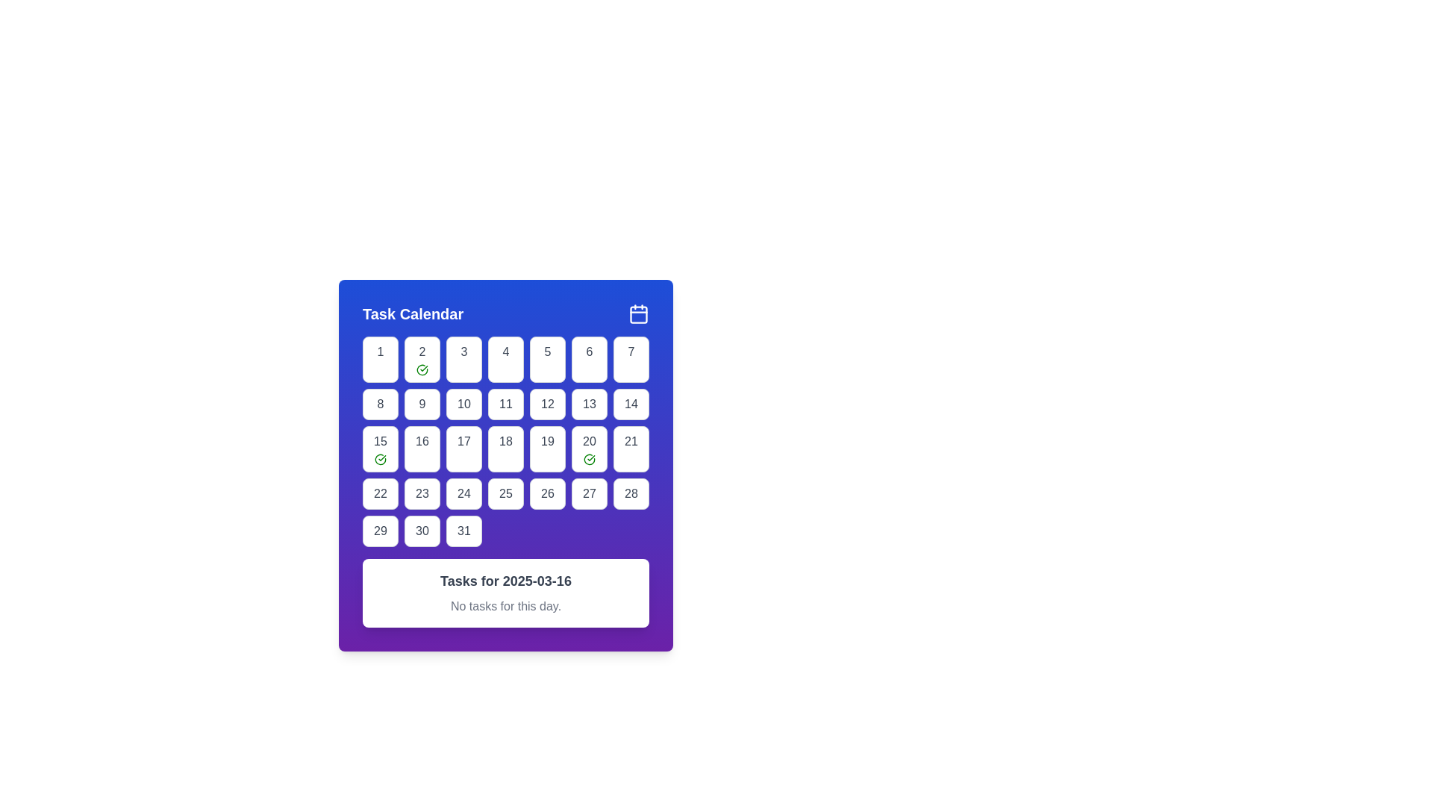  Describe the element at coordinates (422, 531) in the screenshot. I see `the static text element representing the 30th day of the month in the calendar` at that location.